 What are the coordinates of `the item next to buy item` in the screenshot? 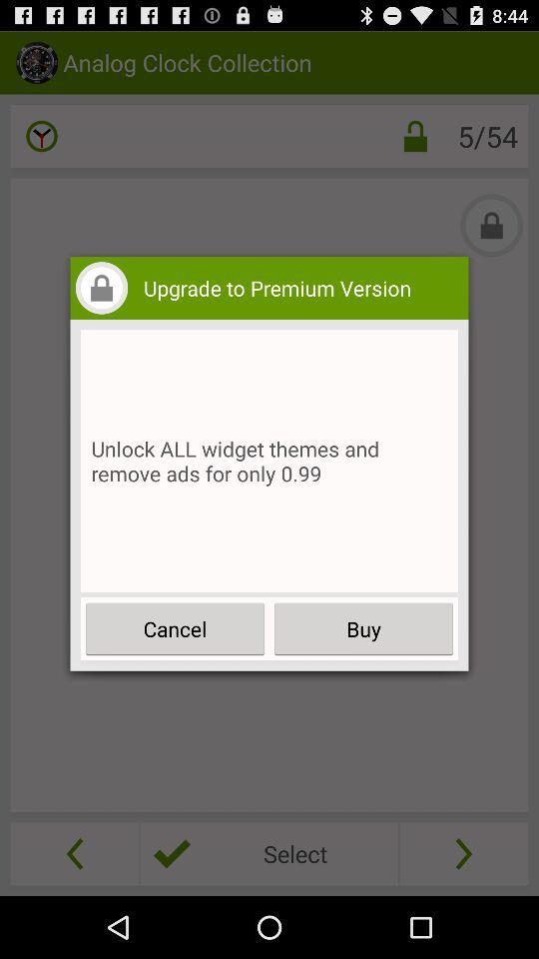 It's located at (175, 627).